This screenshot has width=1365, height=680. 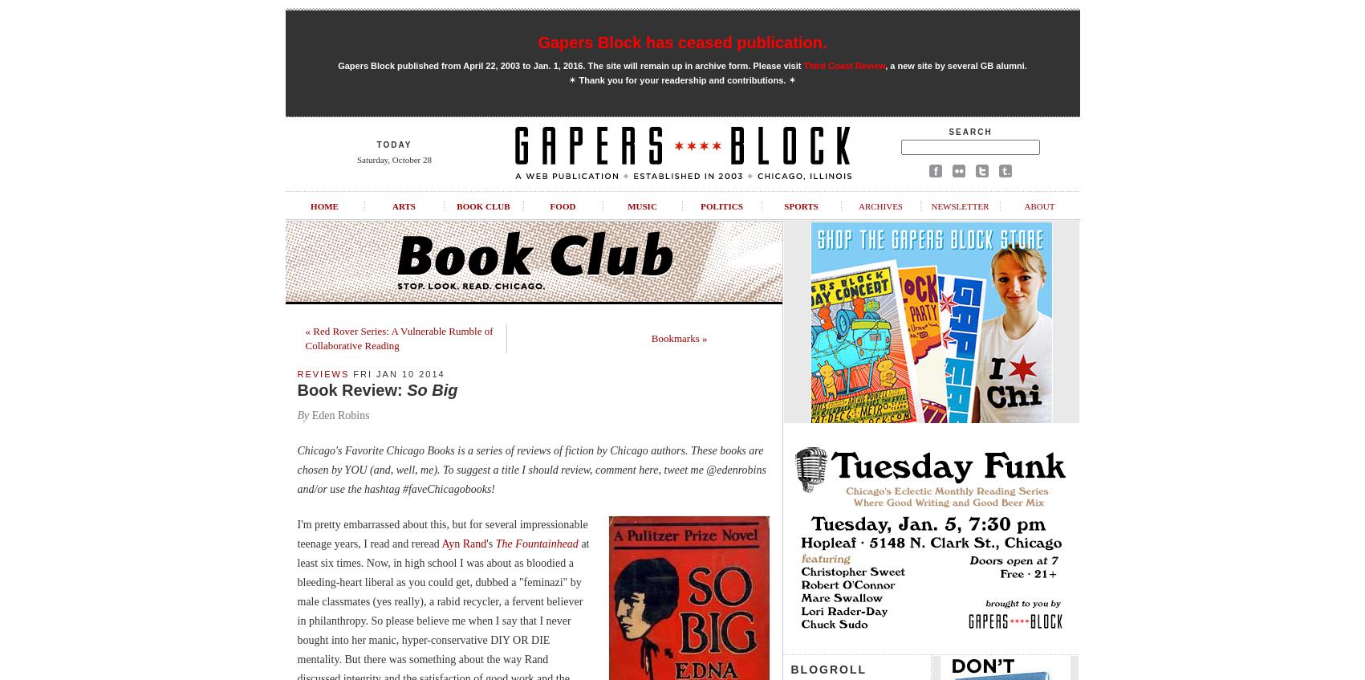 What do you see at coordinates (463, 544) in the screenshot?
I see `'Ayn Rand'` at bounding box center [463, 544].